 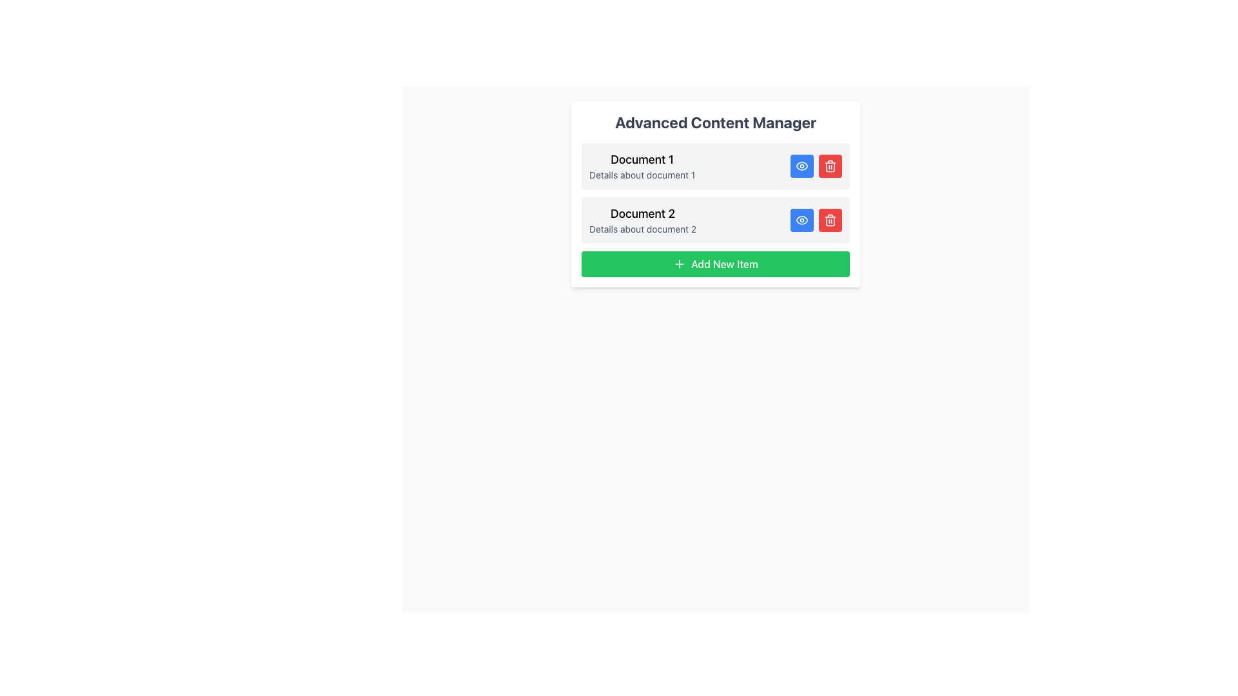 I want to click on the delete button represented by an icon in the top-right corner of the second document row to initiate the deletion process, so click(x=830, y=166).